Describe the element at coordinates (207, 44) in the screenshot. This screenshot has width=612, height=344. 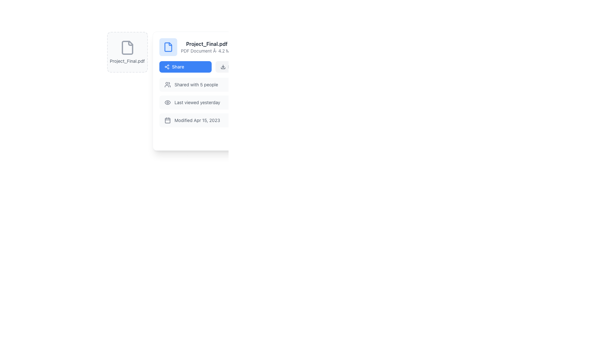
I see `the text label that serves as the title or filename of the document displayed, located at the upper section of a card layout` at that location.